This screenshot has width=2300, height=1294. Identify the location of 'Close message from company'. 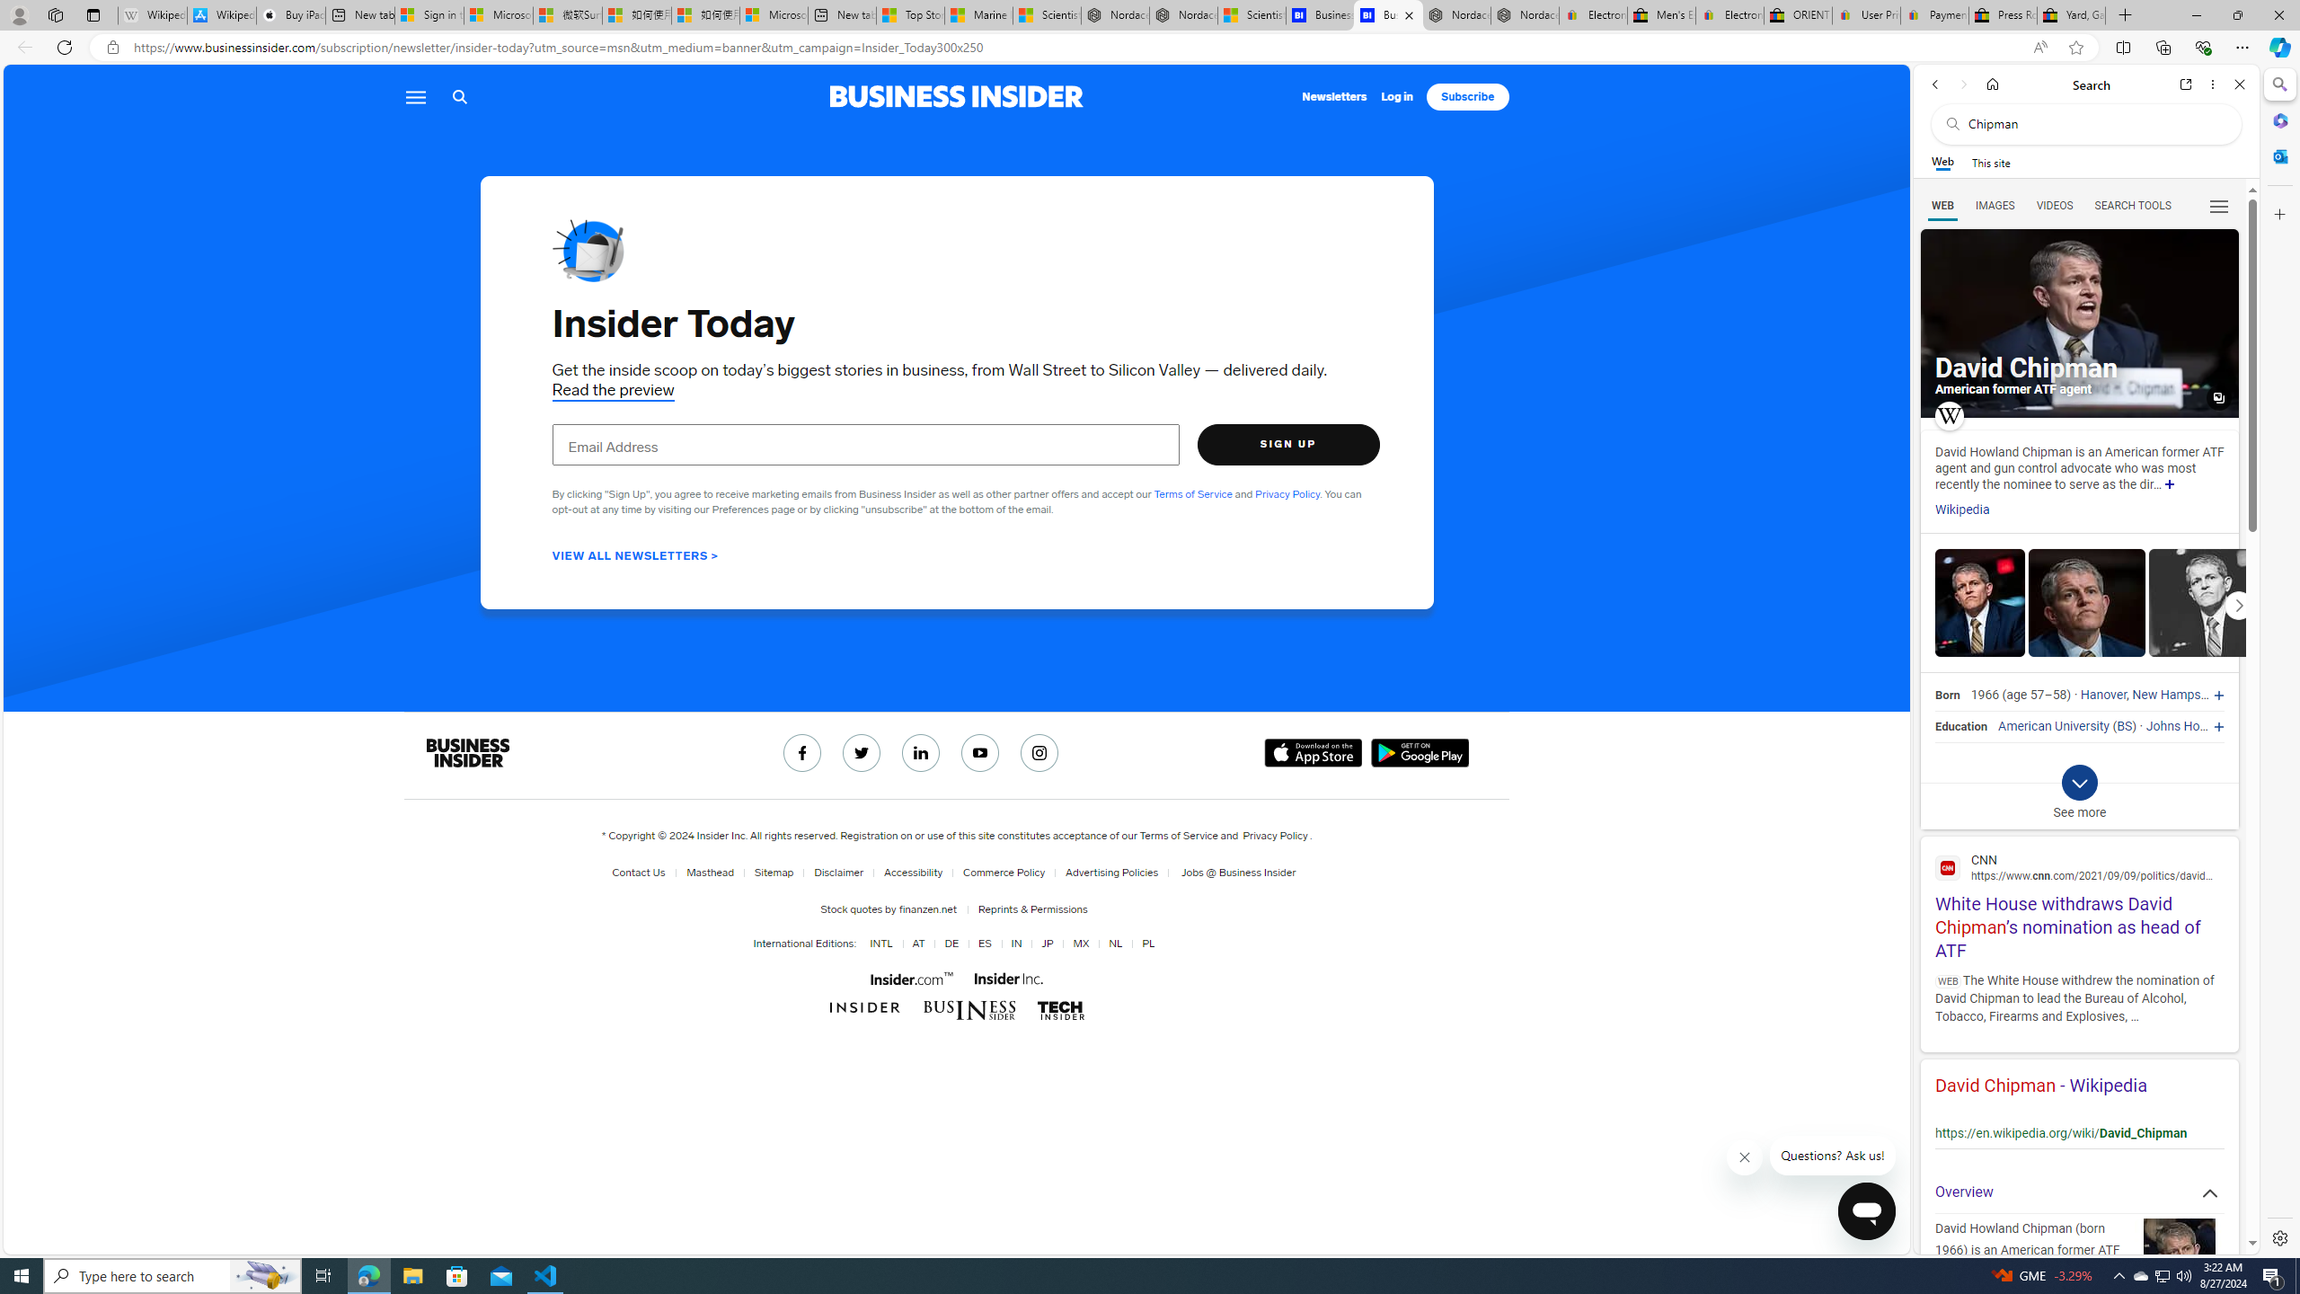
(1746, 1157).